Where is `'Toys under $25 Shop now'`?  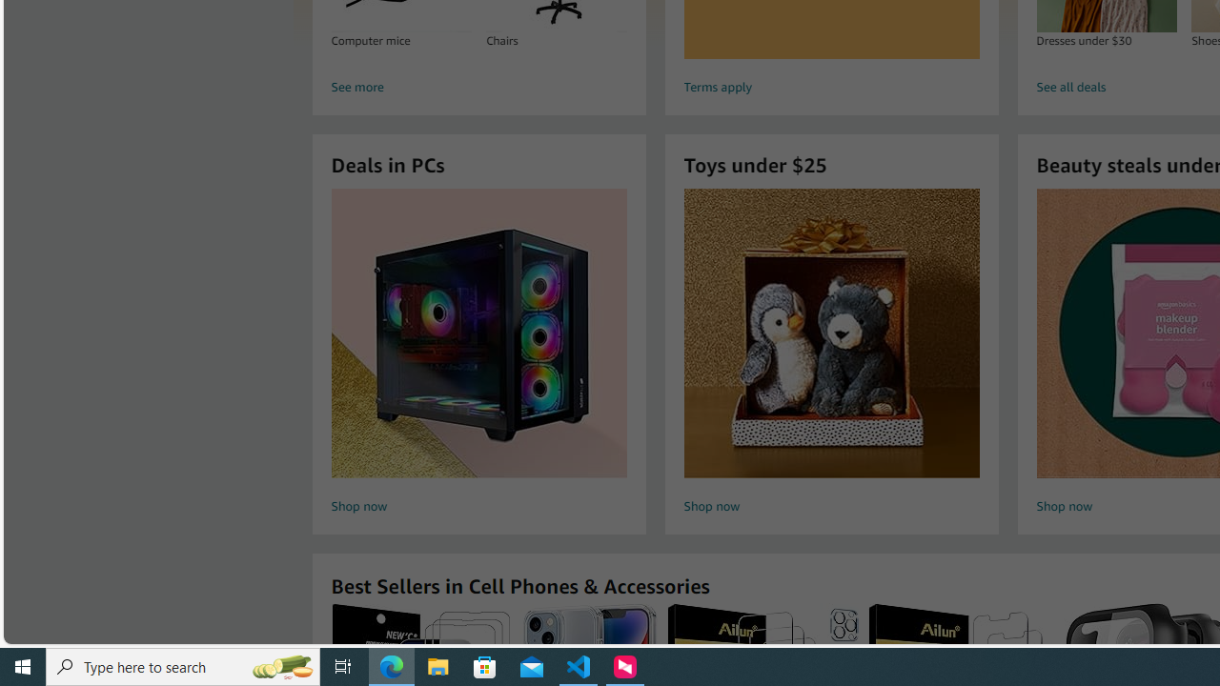 'Toys under $25 Shop now' is located at coordinates (831, 353).